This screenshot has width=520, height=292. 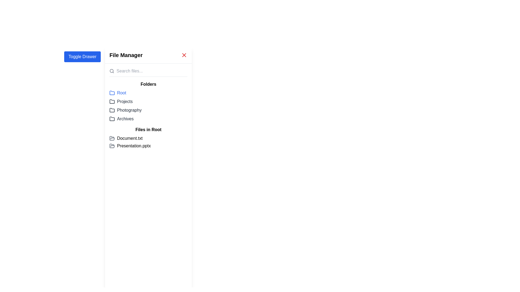 What do you see at coordinates (148, 142) in the screenshot?
I see `the clickable list entry for the file labeled 'Document.txt' in the 'Files in Root' section of the file manager` at bounding box center [148, 142].